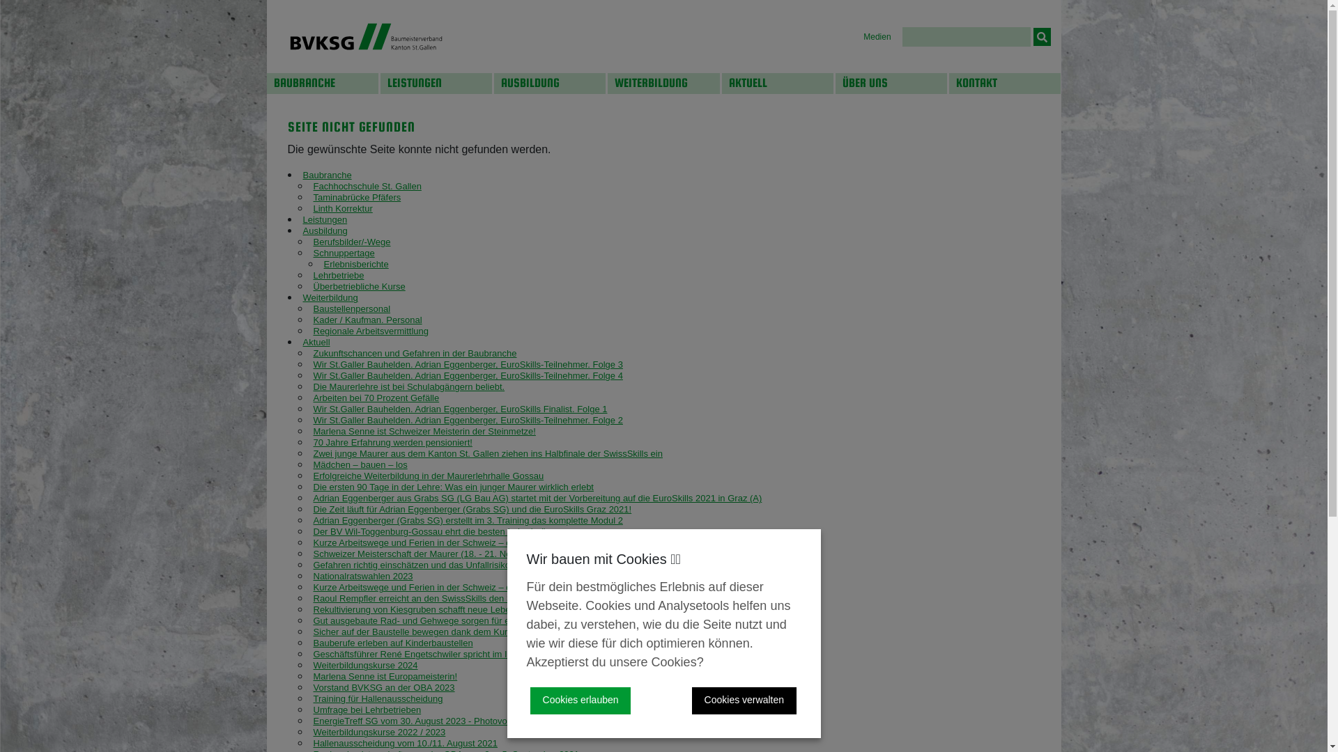 The width and height of the screenshot is (1338, 752). Describe the element at coordinates (355, 264) in the screenshot. I see `'Erlebnisberichte'` at that location.